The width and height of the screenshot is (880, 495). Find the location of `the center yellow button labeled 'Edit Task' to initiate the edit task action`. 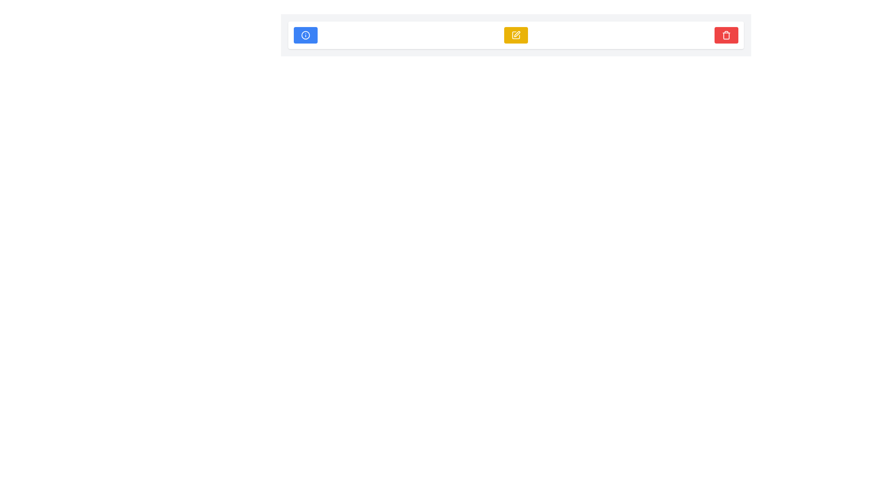

the center yellow button labeled 'Edit Task' to initiate the edit task action is located at coordinates (516, 35).